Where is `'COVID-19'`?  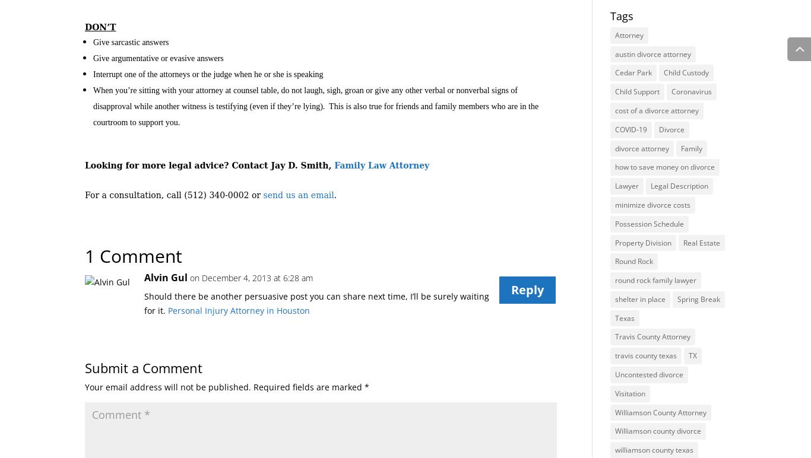
'COVID-19' is located at coordinates (630, 129).